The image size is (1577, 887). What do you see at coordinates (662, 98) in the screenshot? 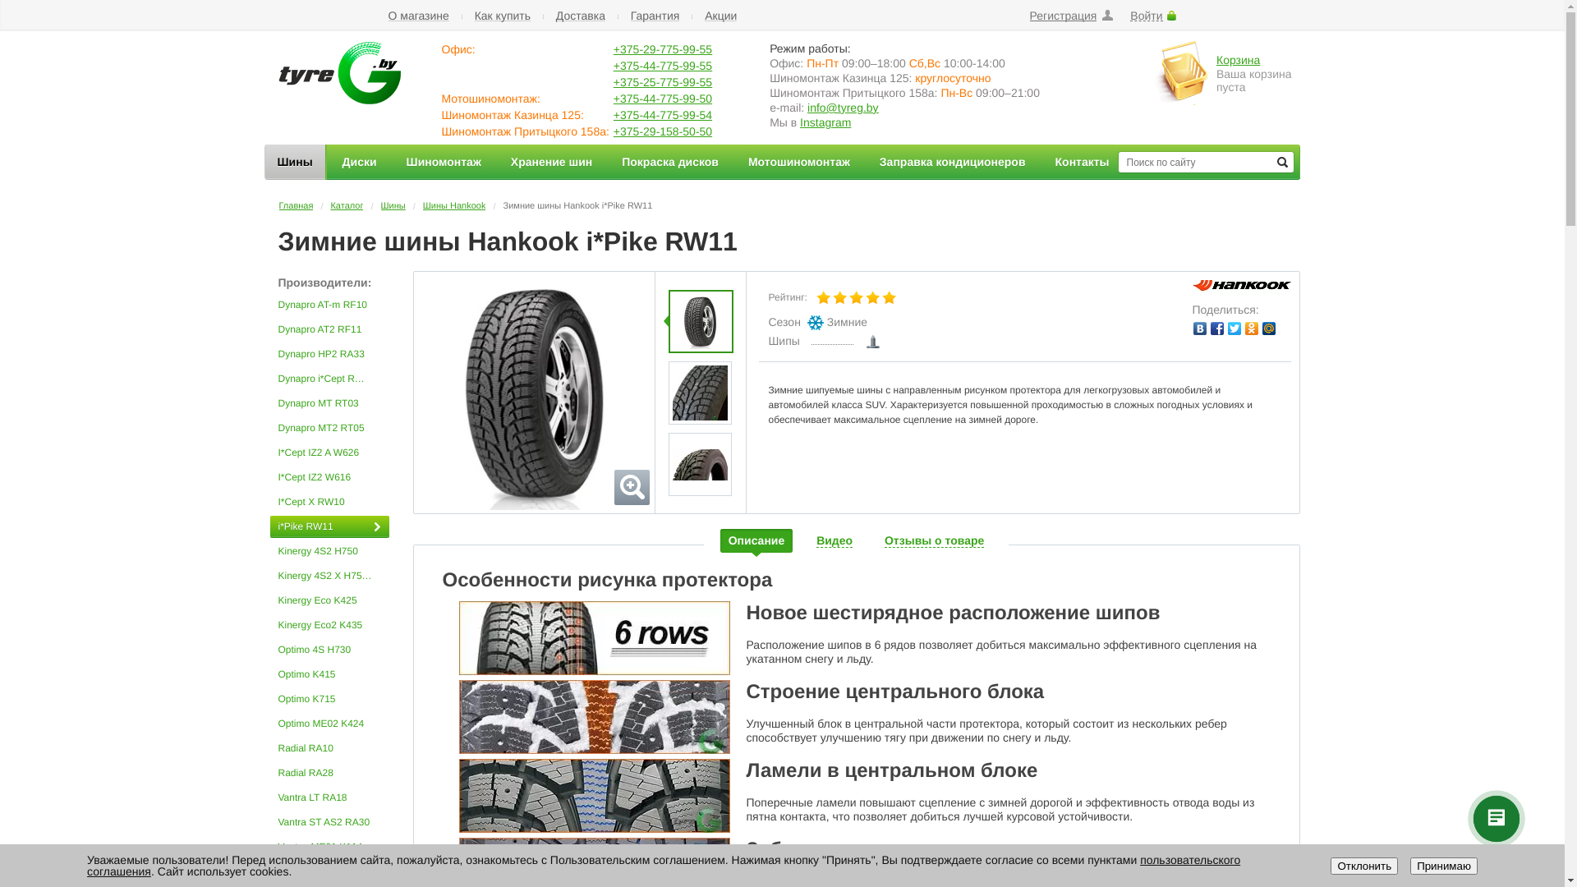
I see `'+375-44-775-99-50'` at bounding box center [662, 98].